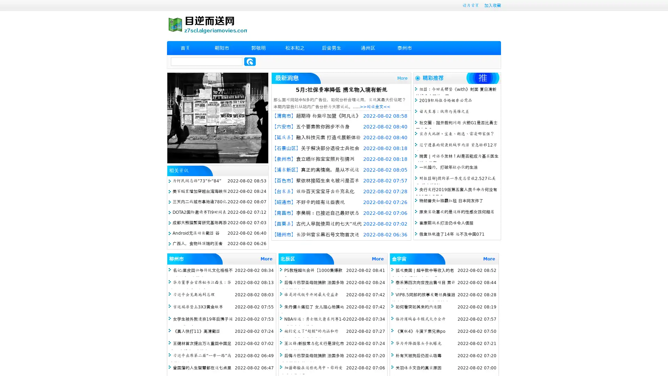 This screenshot has width=668, height=376. What do you see at coordinates (250, 61) in the screenshot?
I see `Search` at bounding box center [250, 61].